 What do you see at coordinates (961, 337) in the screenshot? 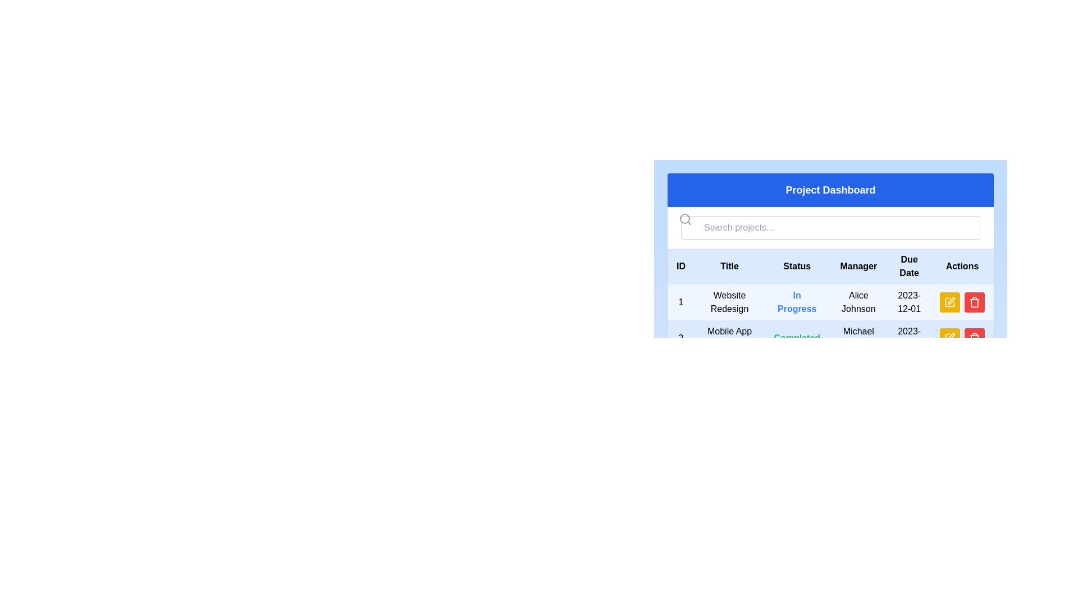
I see `the red delete button with a trash icon located in the last column under the 'Actions' header in the second row of the table, below the 'Mobile App Launch' entry` at bounding box center [961, 337].